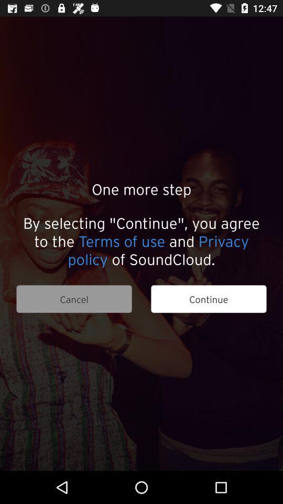  Describe the element at coordinates (73, 299) in the screenshot. I see `the item to the left of continue` at that location.